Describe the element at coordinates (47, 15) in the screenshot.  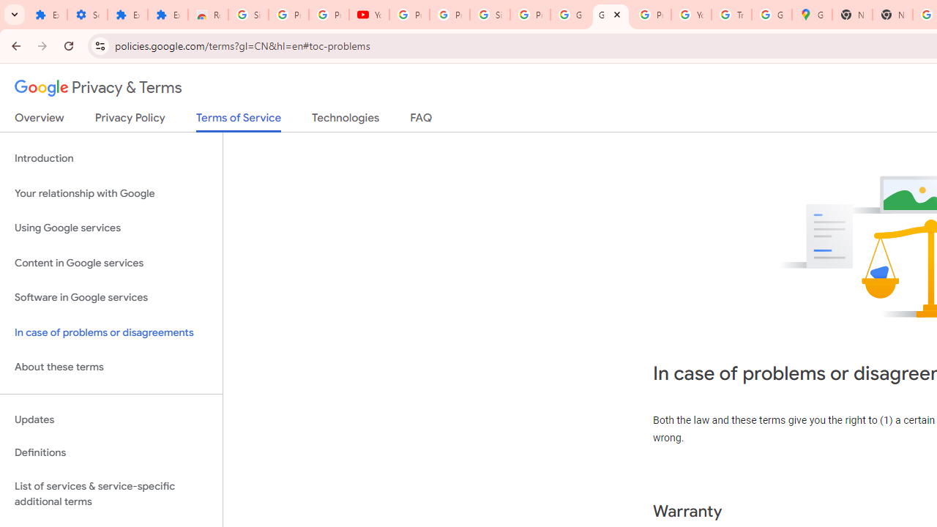
I see `'Extensions'` at that location.